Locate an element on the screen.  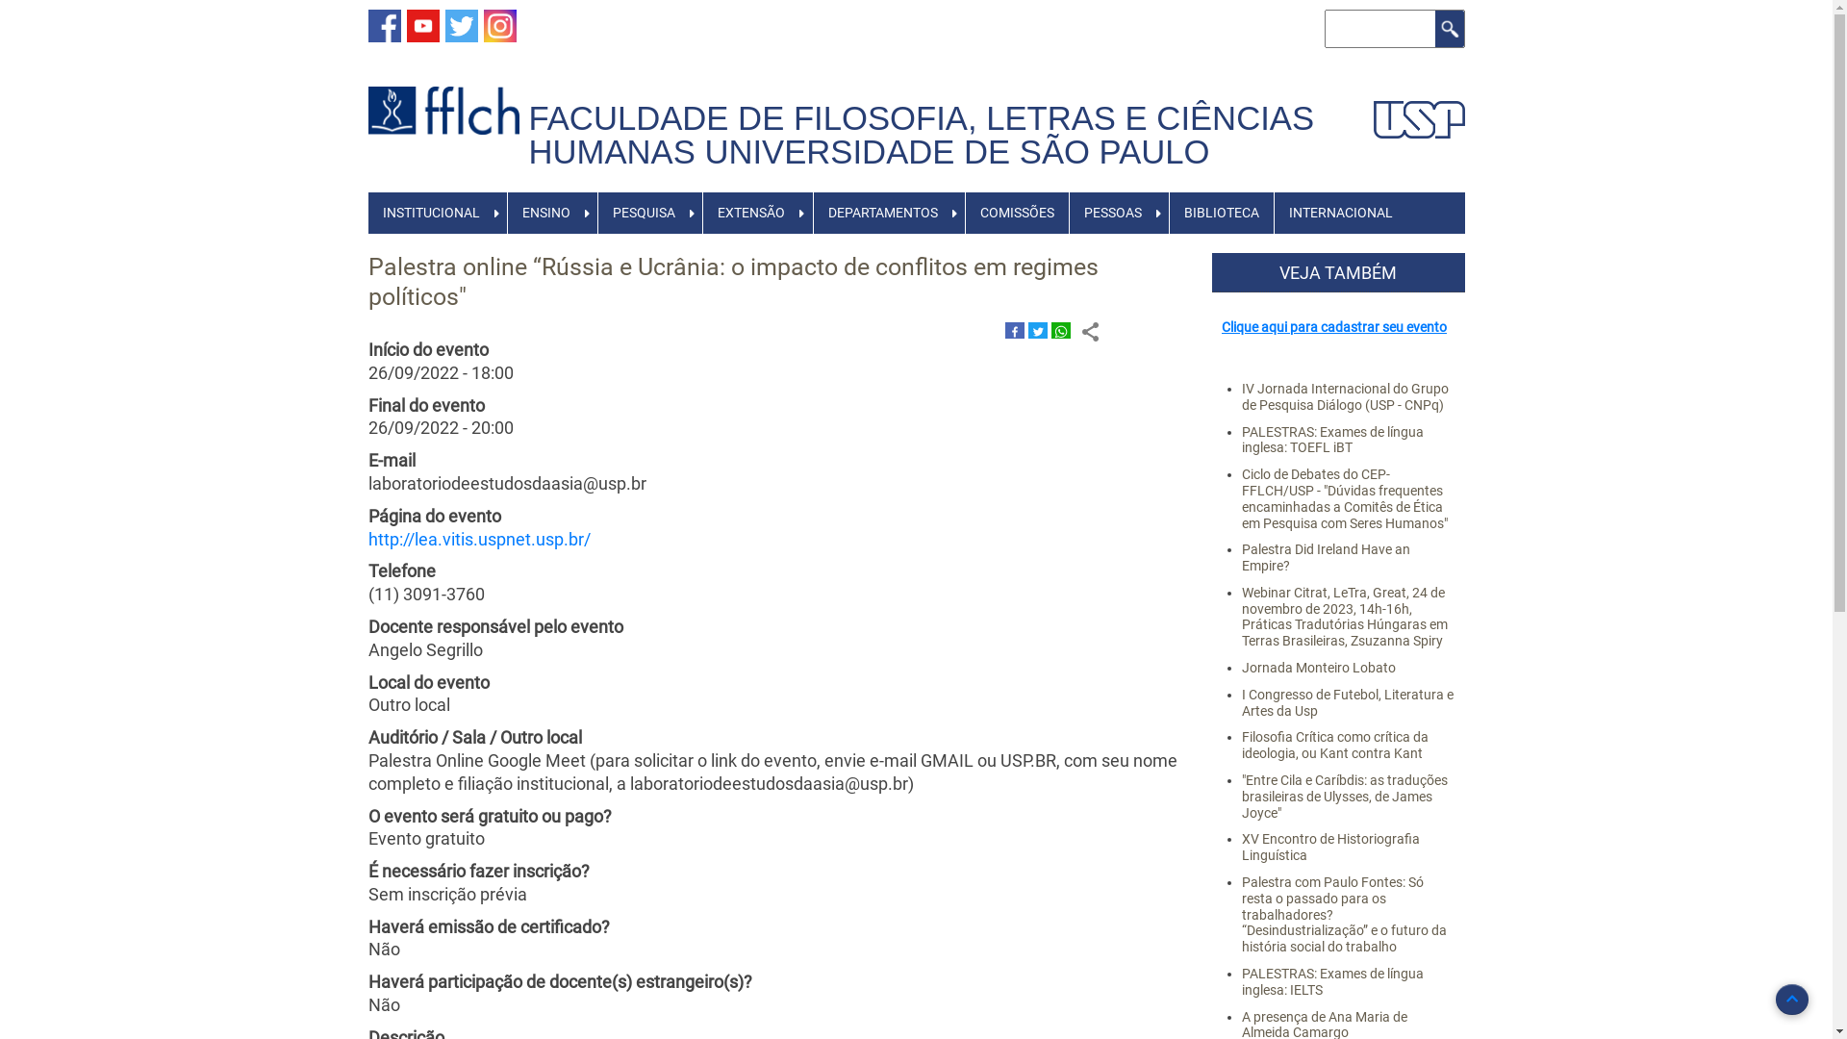
'Clique aqui para cadastrar seu evento' is located at coordinates (1333, 325).